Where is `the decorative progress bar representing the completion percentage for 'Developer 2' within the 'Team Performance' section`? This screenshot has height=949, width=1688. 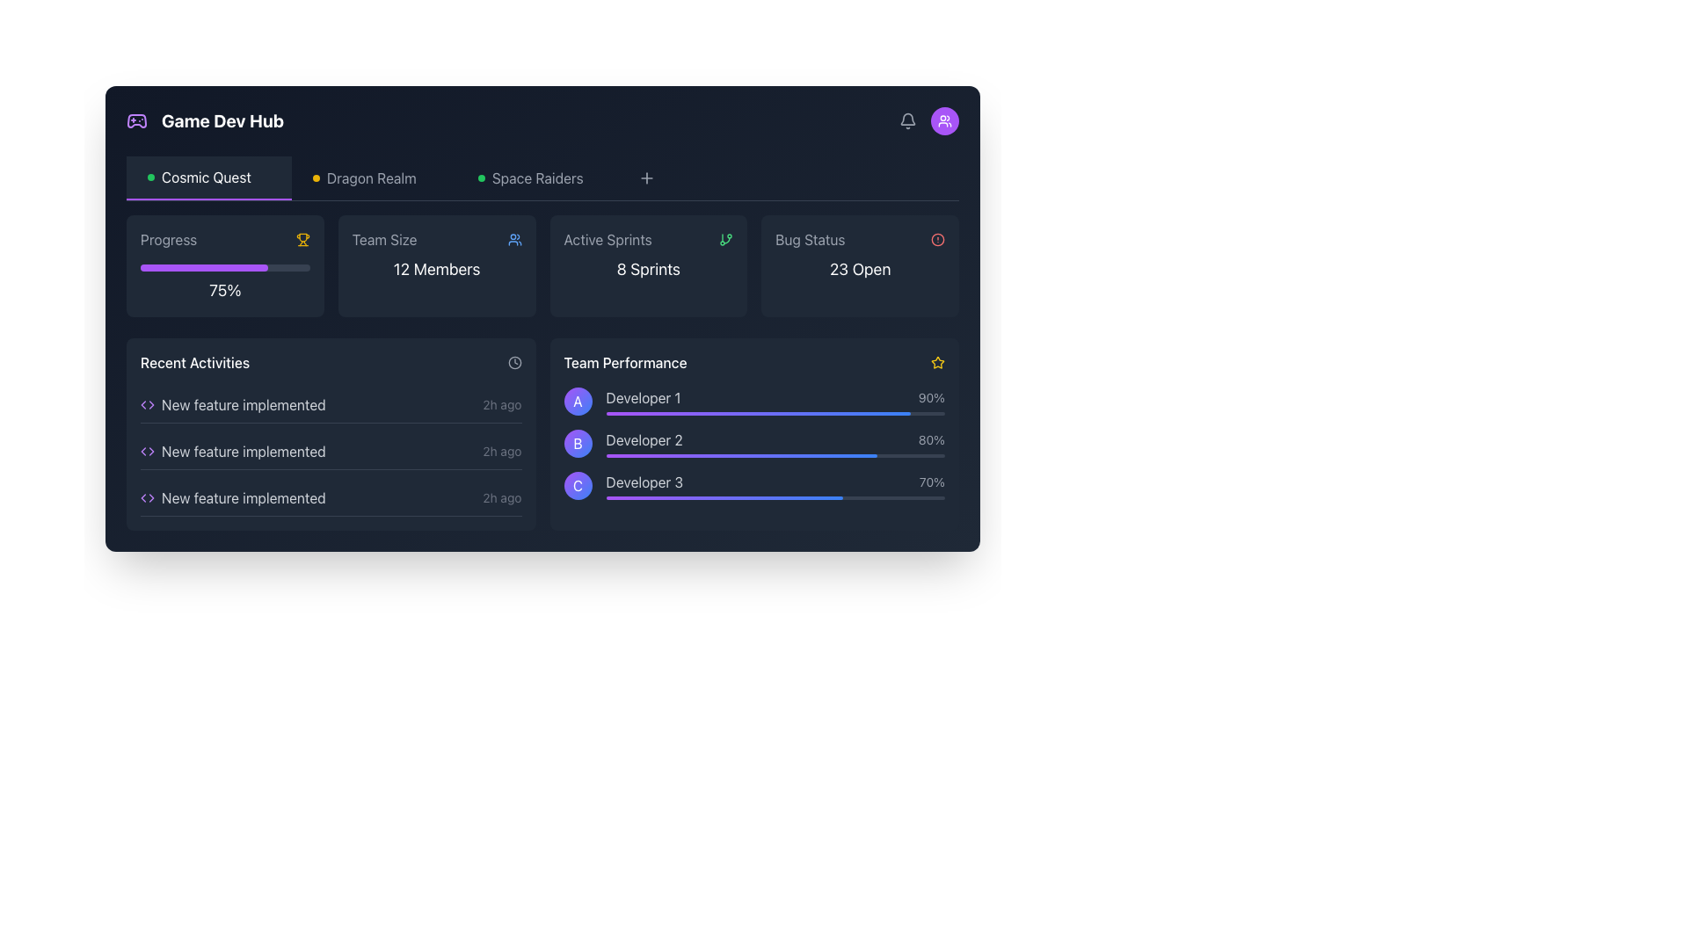 the decorative progress bar representing the completion percentage for 'Developer 2' within the 'Team Performance' section is located at coordinates (759, 413).